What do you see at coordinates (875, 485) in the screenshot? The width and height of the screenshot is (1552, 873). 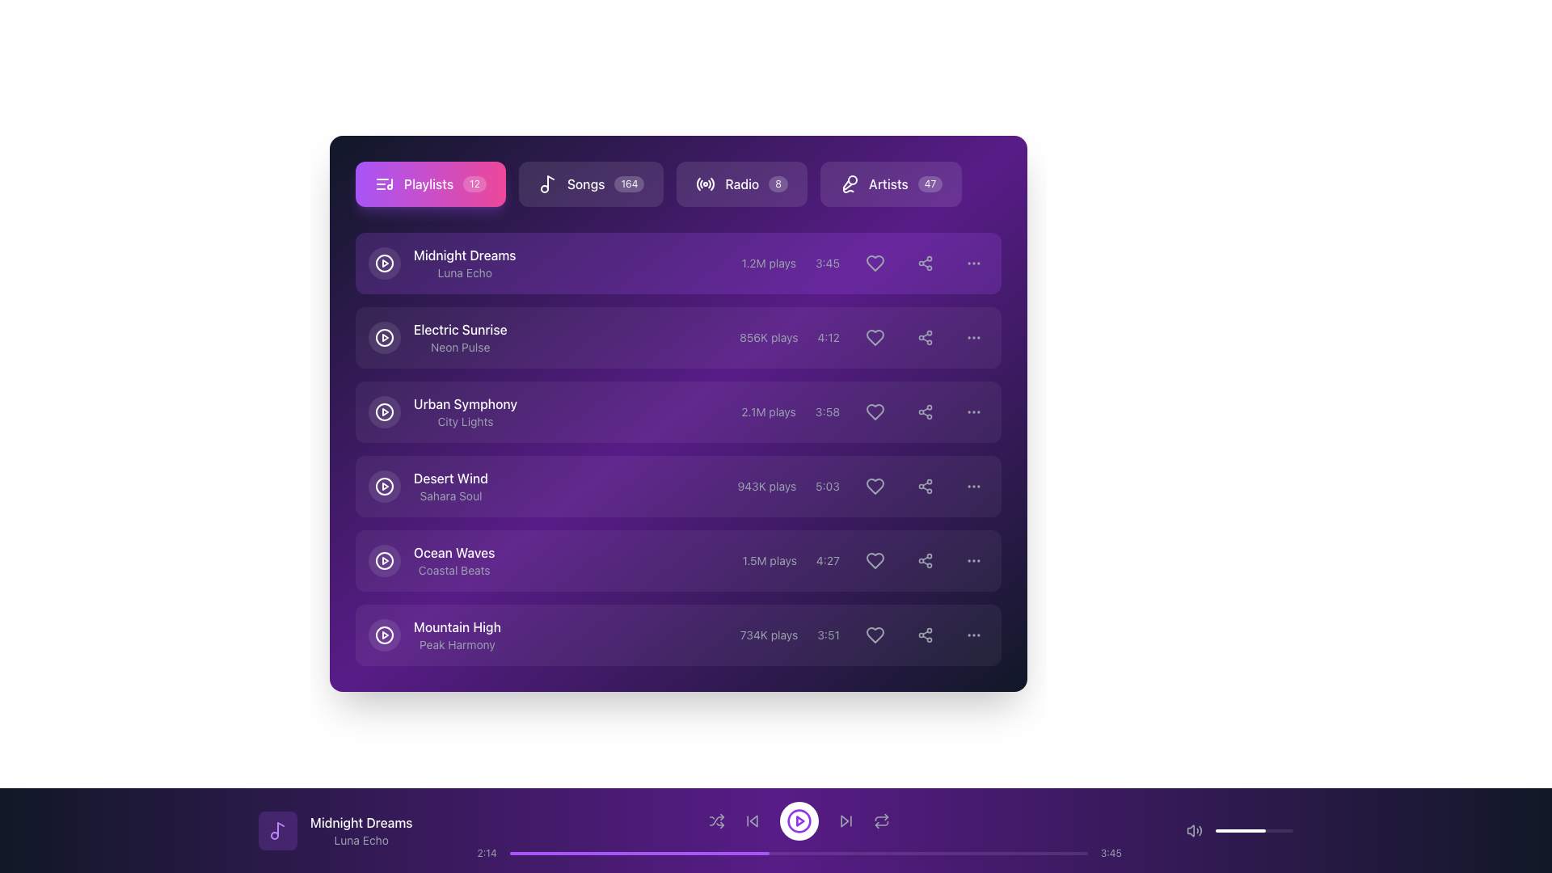 I see `the heart-shaped favorite button icon located in the 'Desert Wind' track row, which is styled in gray and has a hover effect that changes the background to semi-transparent white` at bounding box center [875, 485].